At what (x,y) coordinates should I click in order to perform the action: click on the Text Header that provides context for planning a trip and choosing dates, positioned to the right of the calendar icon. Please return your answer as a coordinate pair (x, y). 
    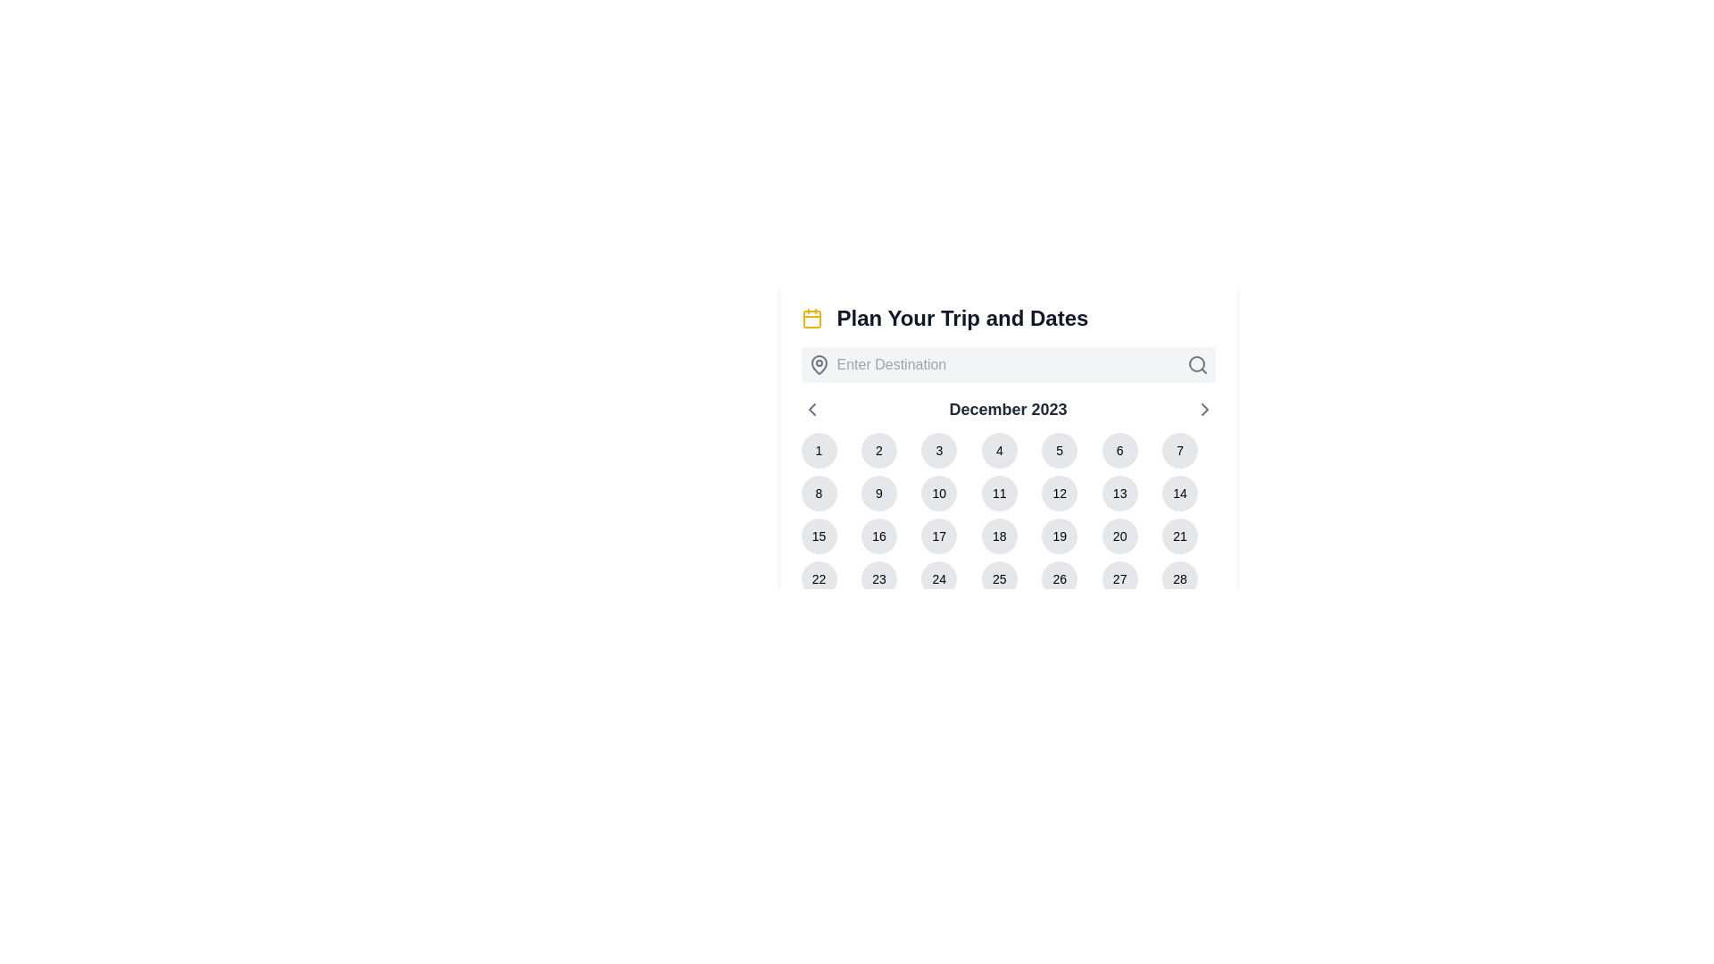
    Looking at the image, I should click on (961, 318).